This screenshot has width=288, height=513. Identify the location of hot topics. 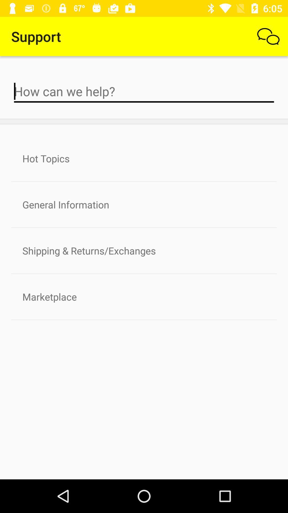
(144, 158).